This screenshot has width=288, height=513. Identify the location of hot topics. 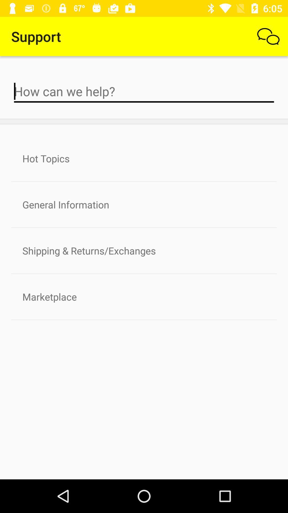
(144, 158).